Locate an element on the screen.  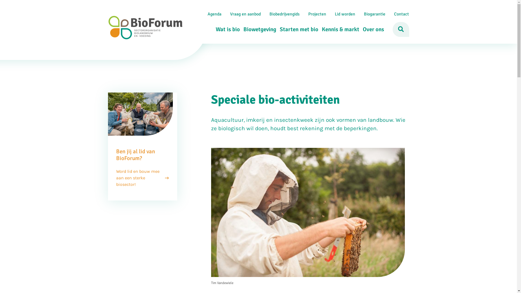
'Projecten' is located at coordinates (317, 14).